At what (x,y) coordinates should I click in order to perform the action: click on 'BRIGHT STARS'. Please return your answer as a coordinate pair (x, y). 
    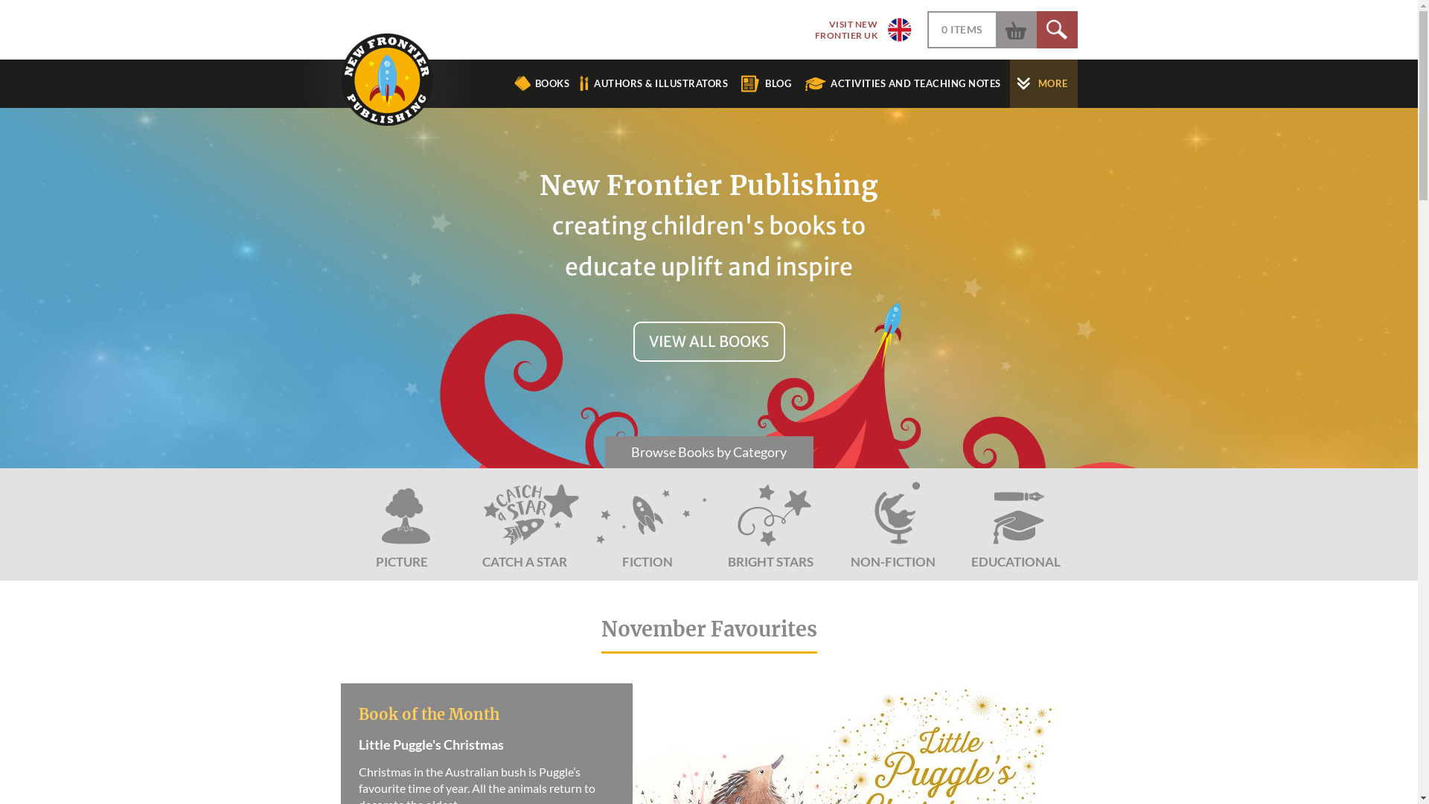
    Looking at the image, I should click on (770, 523).